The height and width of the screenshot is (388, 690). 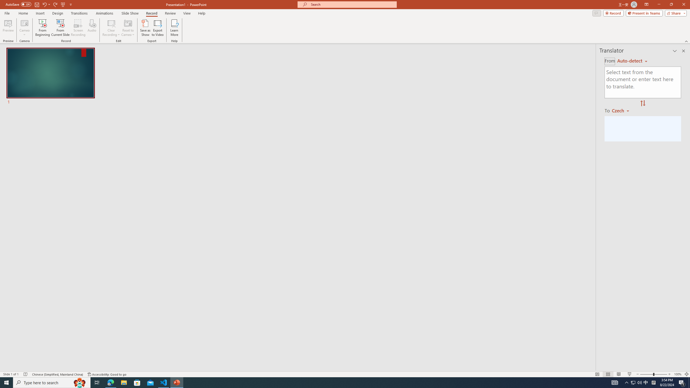 I want to click on 'Screen Recording', so click(x=78, y=28).